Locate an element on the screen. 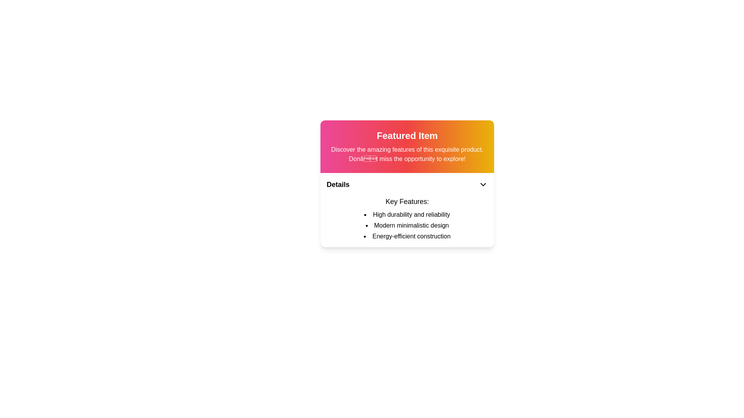 The height and width of the screenshot is (418, 744). the informational text block titled 'Key Features:' that contains a bulleted list of characteristics, positioned centrally within the 'Details' section is located at coordinates (407, 218).